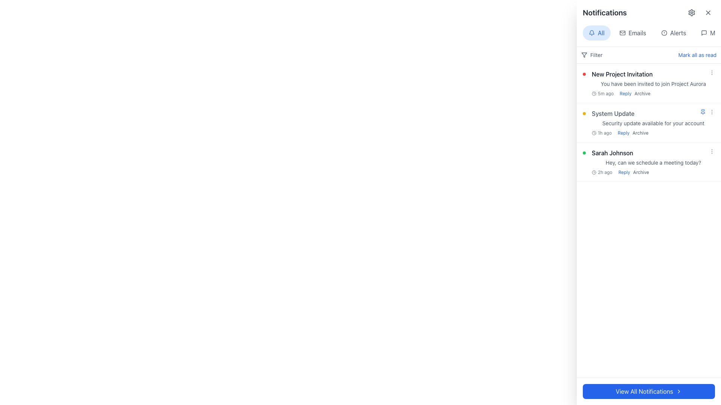 This screenshot has width=721, height=405. What do you see at coordinates (712, 151) in the screenshot?
I see `the button adjacent to the notification item labeled 'Sarah Johnson'` at bounding box center [712, 151].